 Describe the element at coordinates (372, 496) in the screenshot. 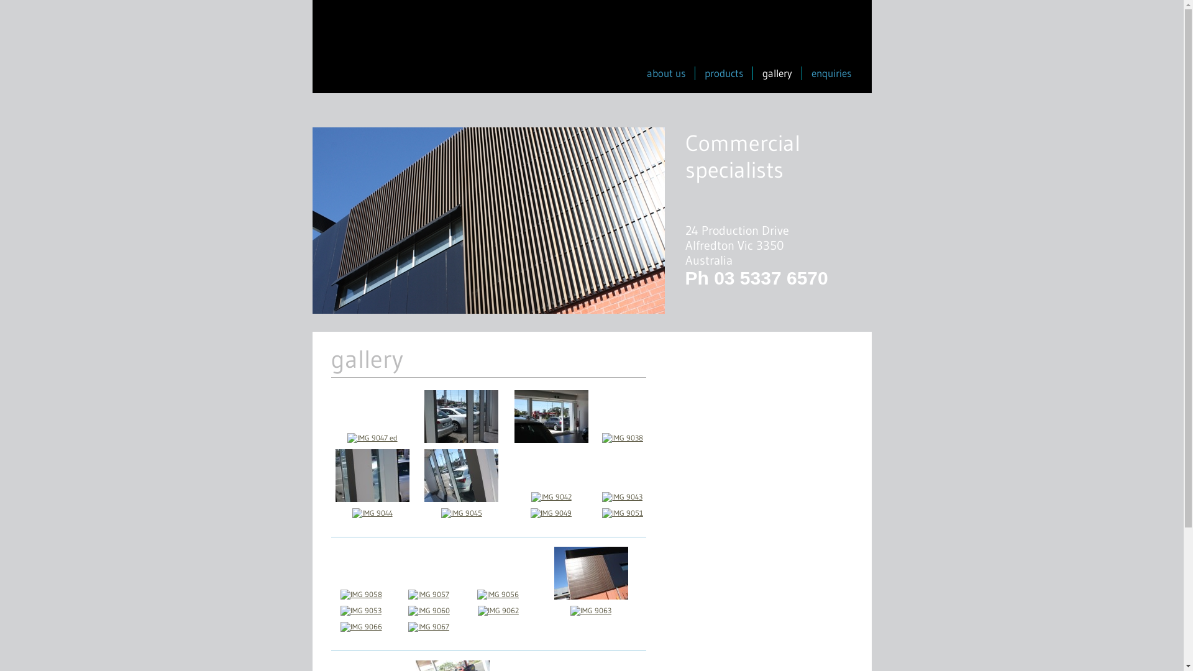

I see `'IMG 9039'` at that location.